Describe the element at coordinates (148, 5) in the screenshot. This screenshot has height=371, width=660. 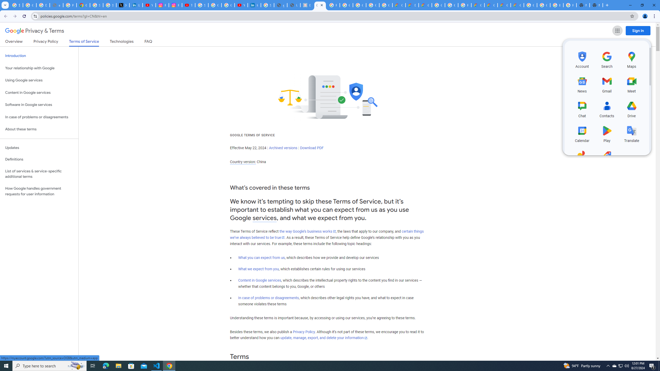
I see `'YouTube Content Monetization Policies - How YouTube Works'` at that location.